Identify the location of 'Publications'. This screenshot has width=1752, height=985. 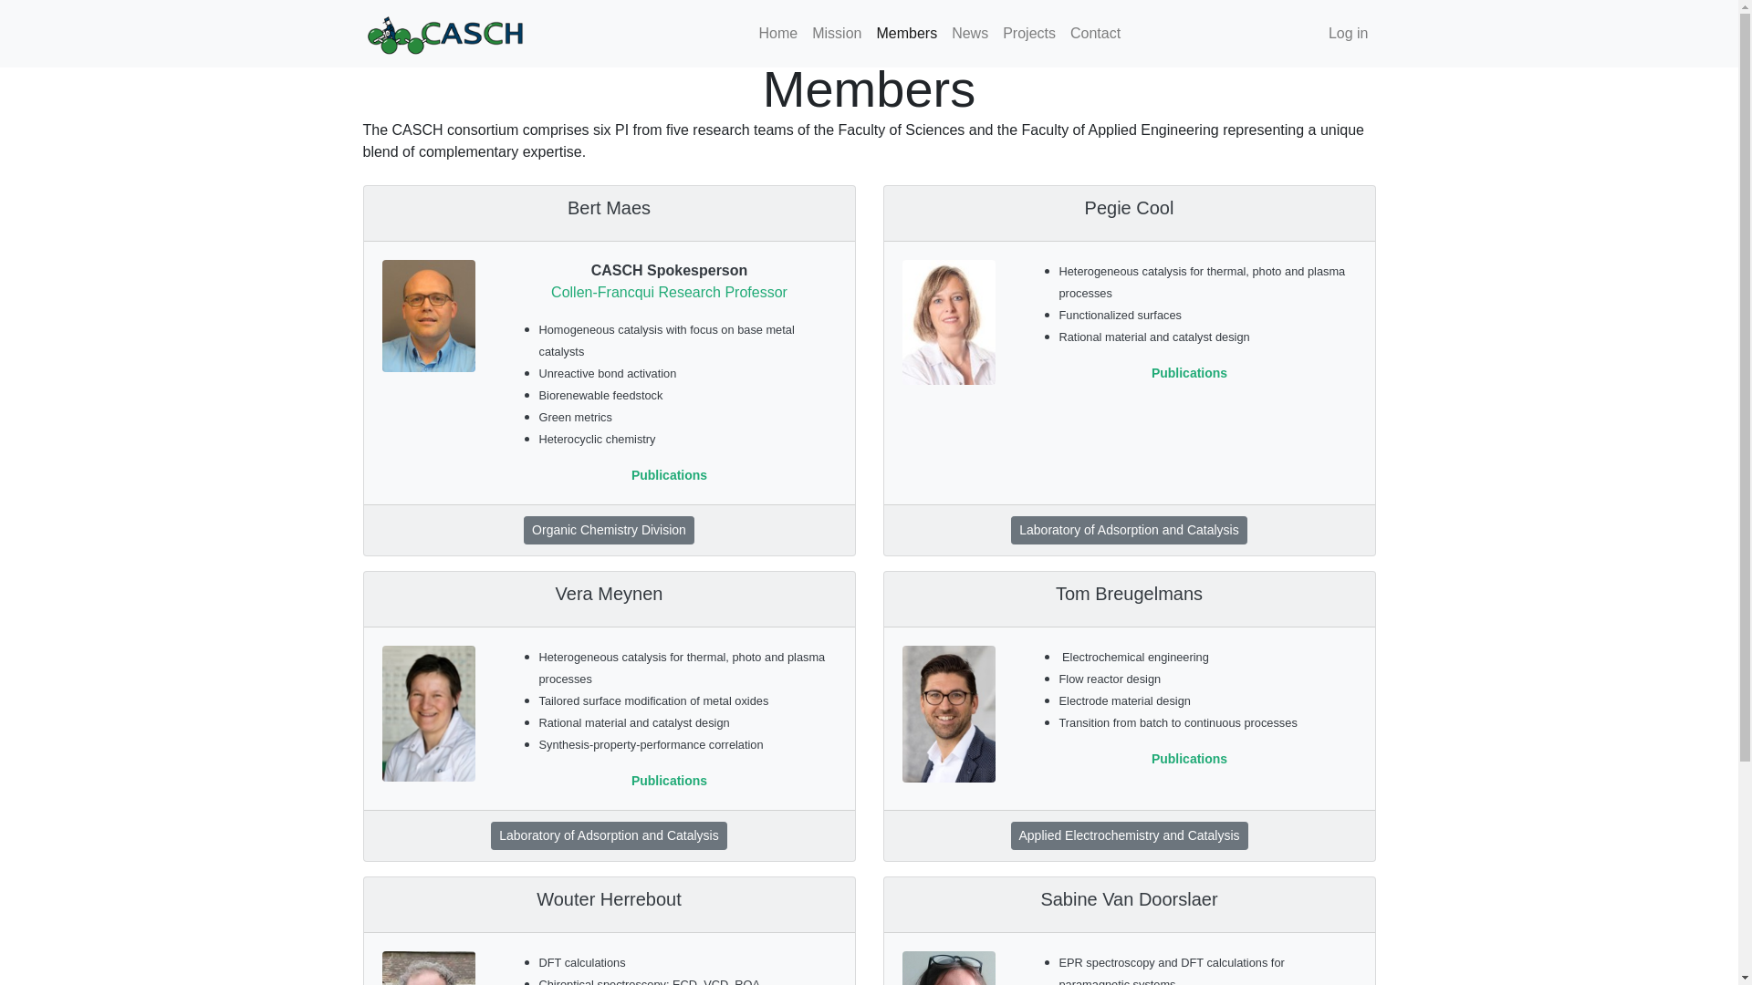
(668, 473).